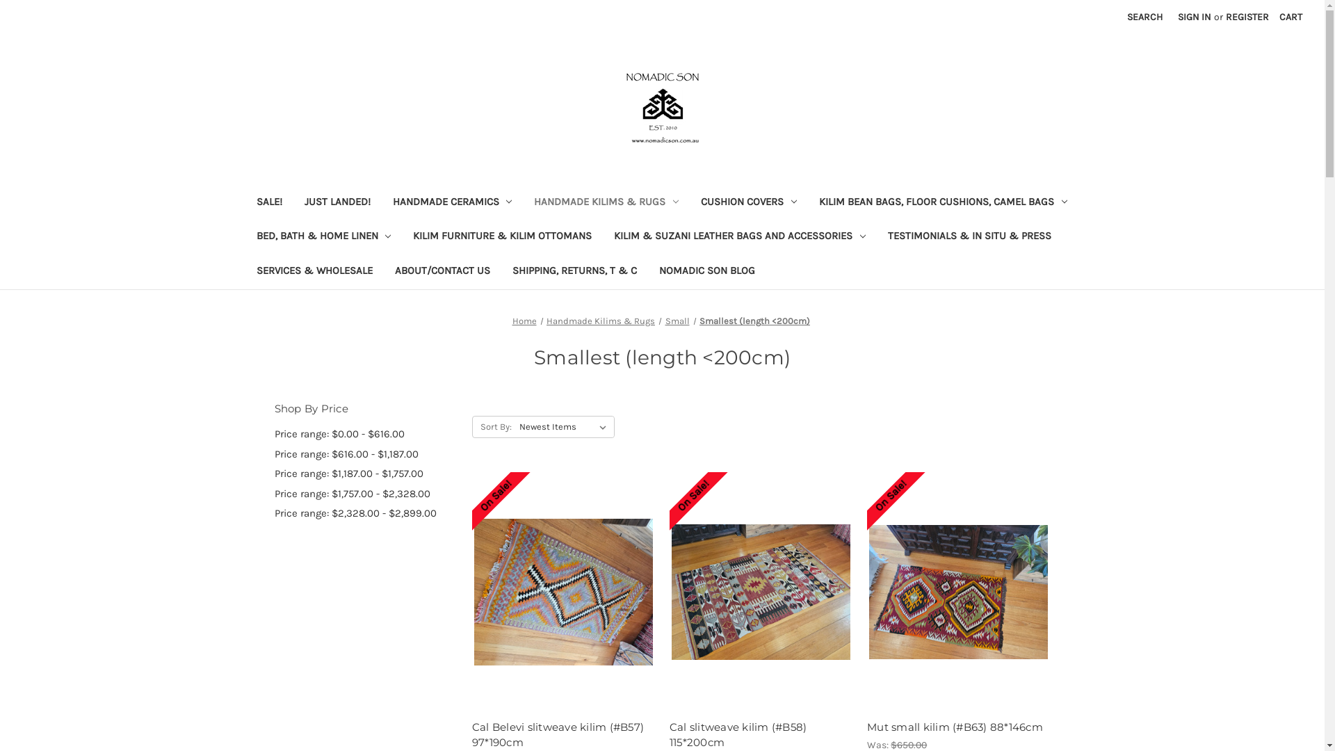 This screenshot has height=751, width=1335. What do you see at coordinates (268, 203) in the screenshot?
I see `'SALE!'` at bounding box center [268, 203].